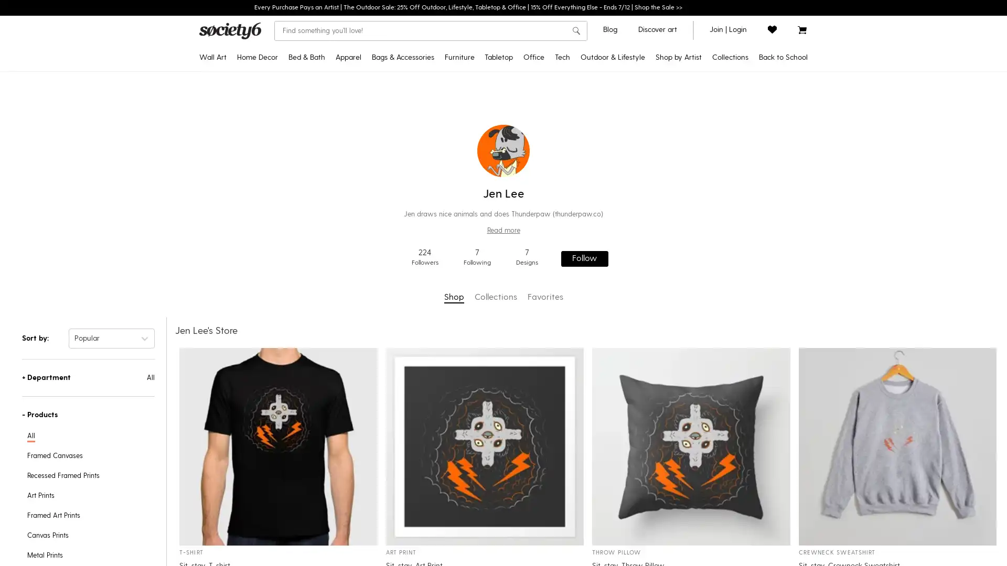 This screenshot has width=1007, height=566. What do you see at coordinates (348, 58) in the screenshot?
I see `Apparel` at bounding box center [348, 58].